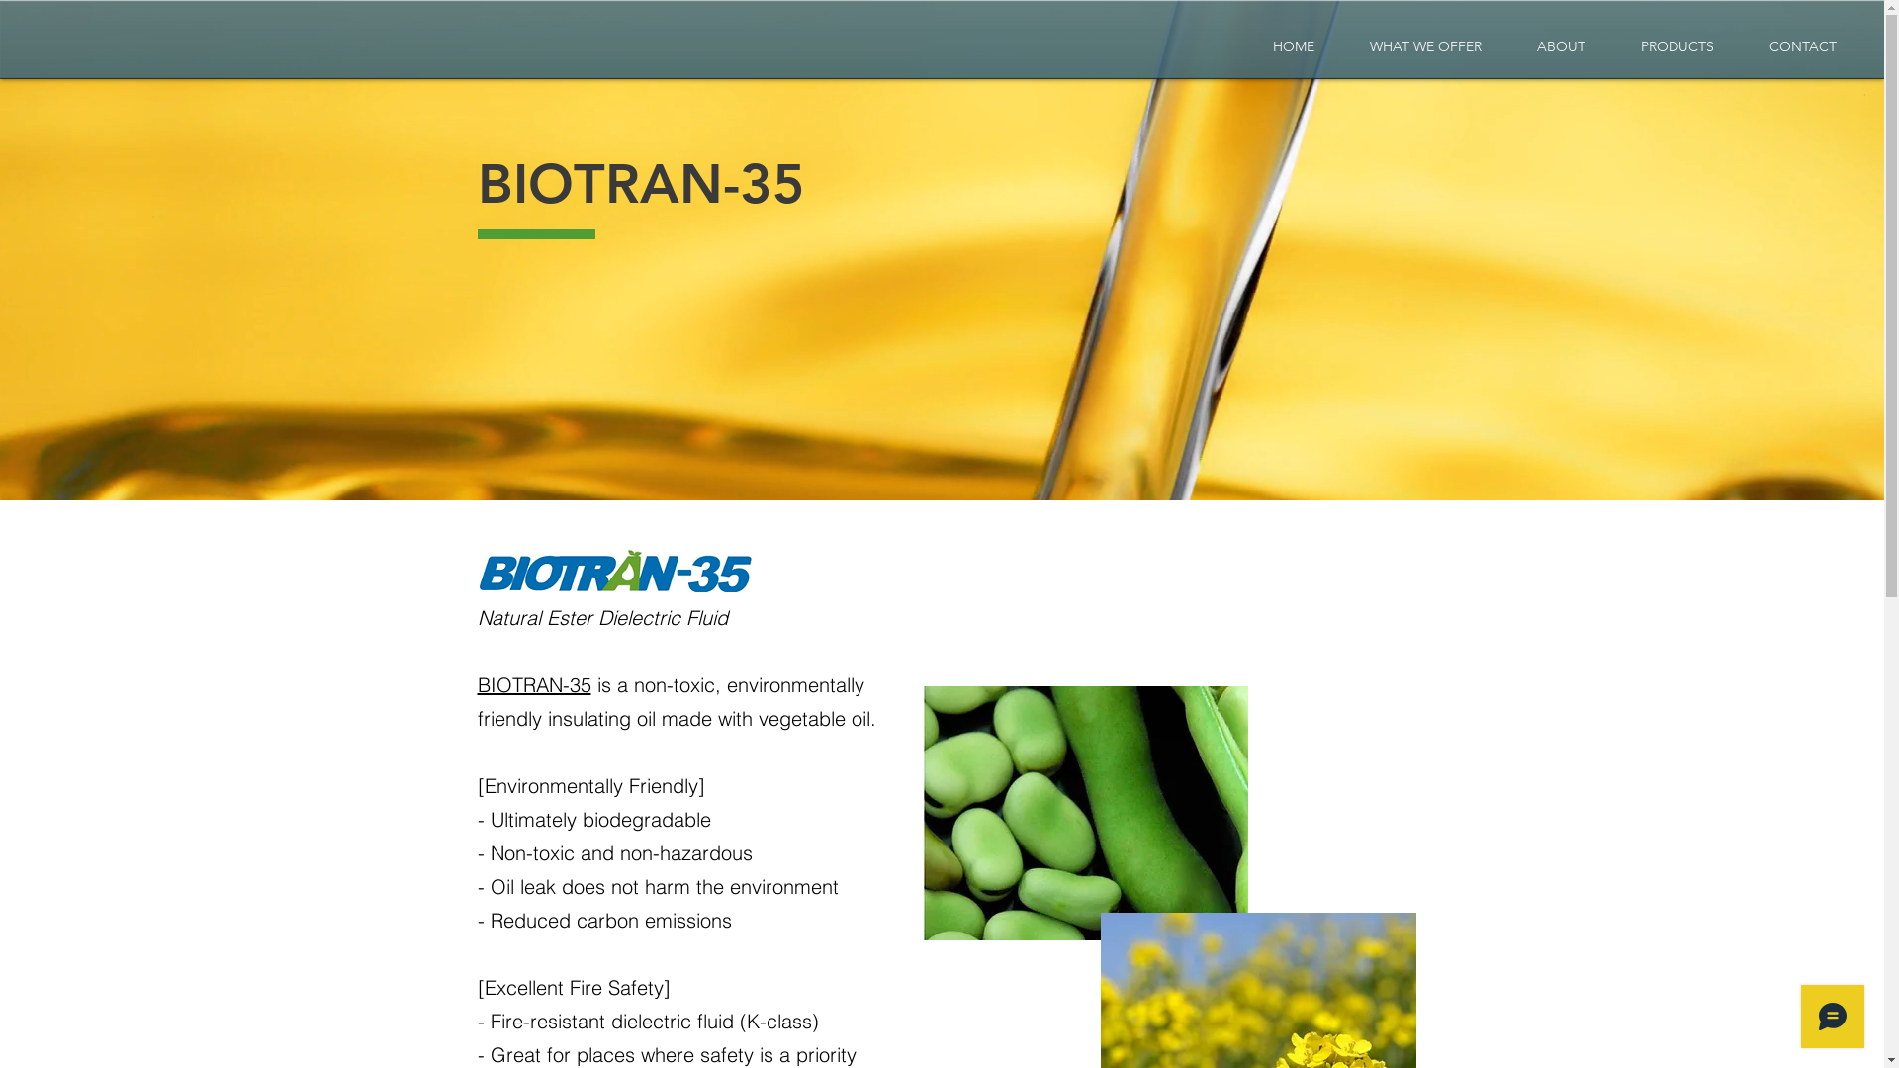 The height and width of the screenshot is (1068, 1899). Describe the element at coordinates (1508, 45) in the screenshot. I see `'ABOUT'` at that location.